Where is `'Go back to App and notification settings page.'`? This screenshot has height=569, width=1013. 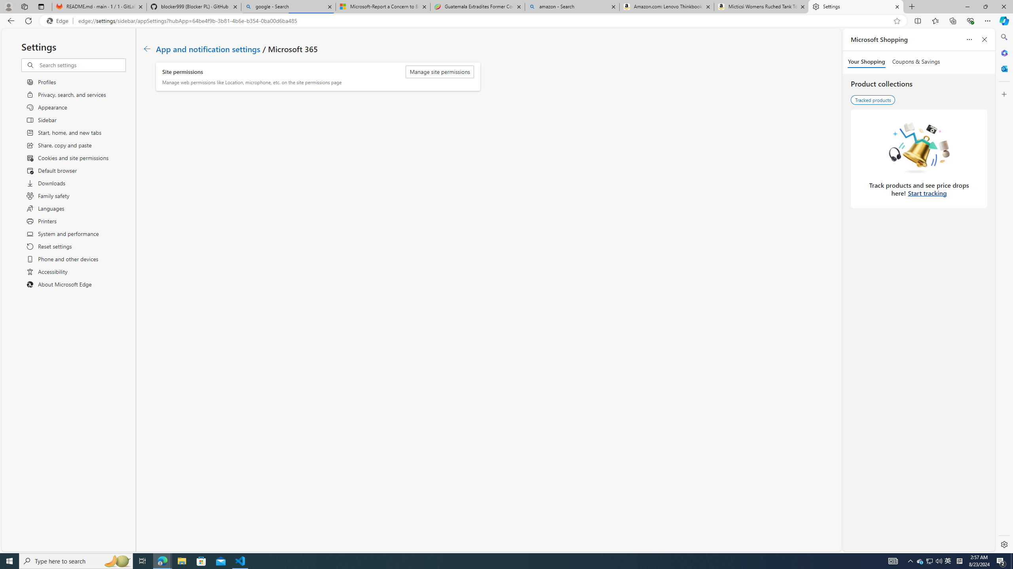
'Go back to App and notification settings page.' is located at coordinates (146, 49).